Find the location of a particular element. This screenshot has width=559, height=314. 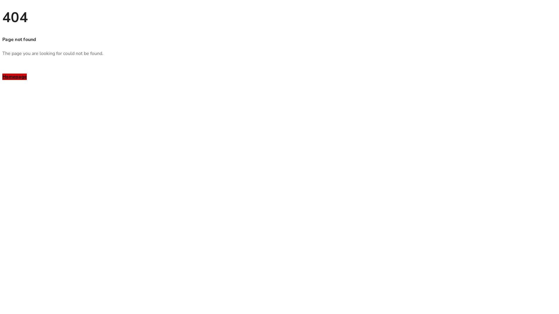

'Homepage' is located at coordinates (2, 76).